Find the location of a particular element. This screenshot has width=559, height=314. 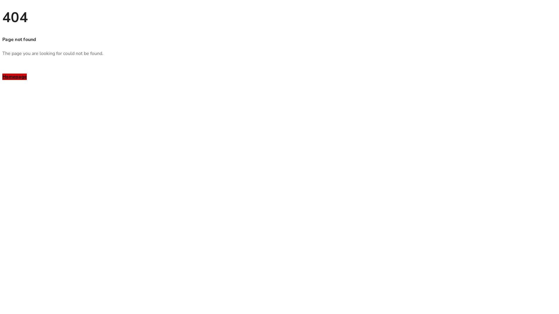

'Homepage' is located at coordinates (2, 76).